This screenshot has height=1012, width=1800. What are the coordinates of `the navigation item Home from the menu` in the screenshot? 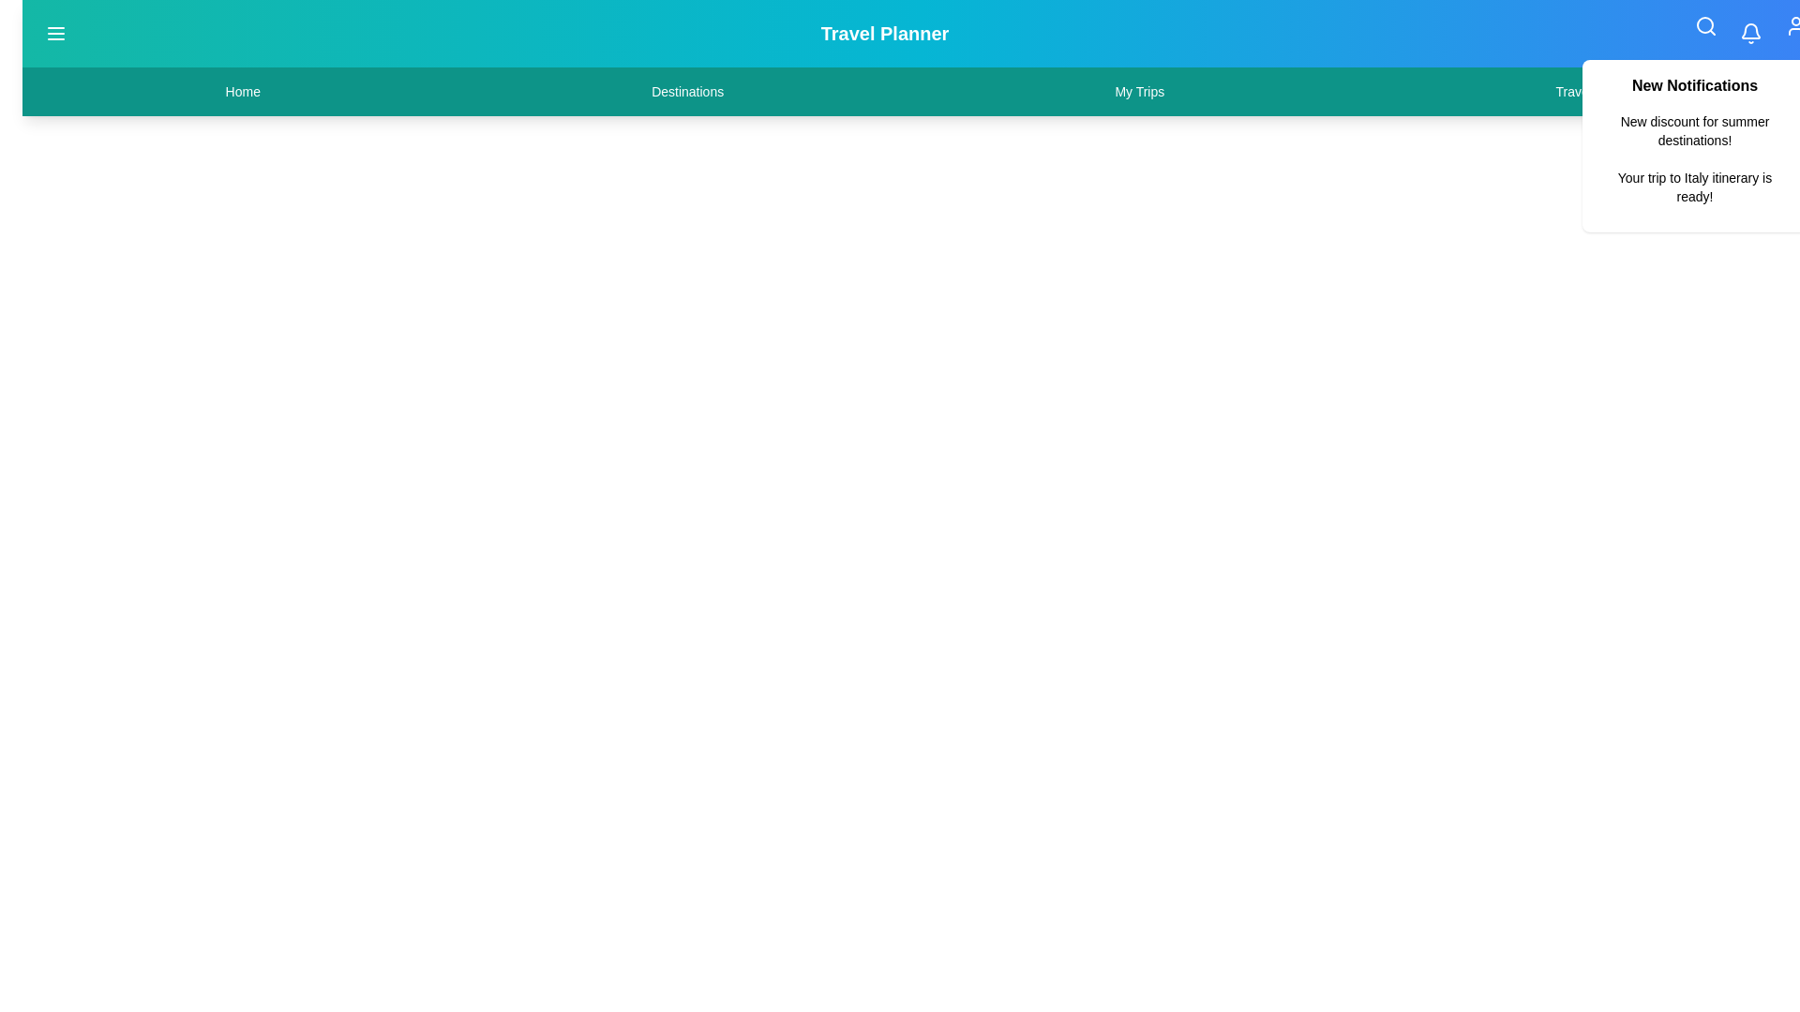 It's located at (242, 91).